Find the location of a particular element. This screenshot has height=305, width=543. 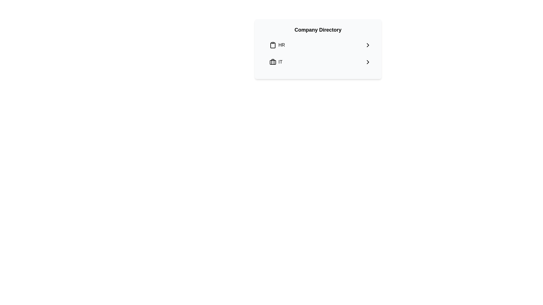

the 'HR' navigation item, the first item is located at coordinates (320, 45).